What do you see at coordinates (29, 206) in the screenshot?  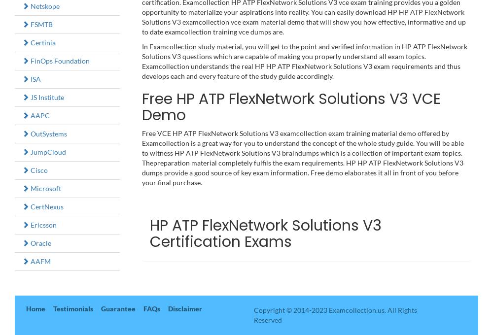 I see `'CertNexus'` at bounding box center [29, 206].